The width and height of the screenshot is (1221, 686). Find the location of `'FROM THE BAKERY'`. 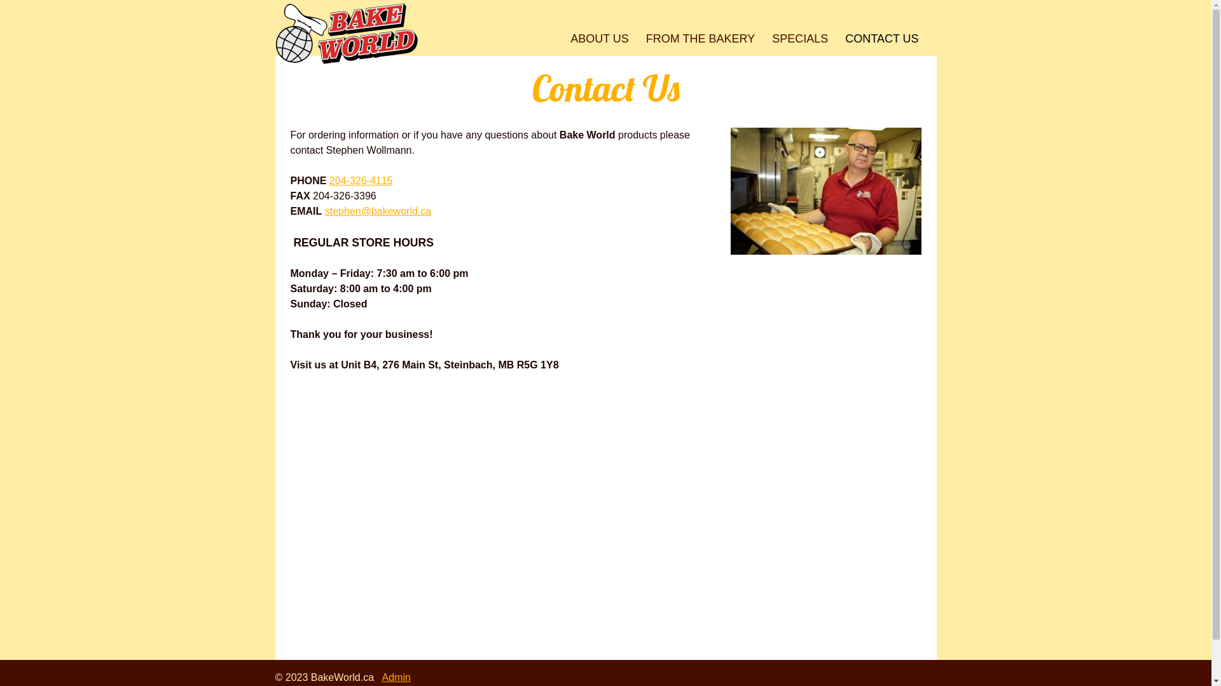

'FROM THE BAKERY' is located at coordinates (699, 38).